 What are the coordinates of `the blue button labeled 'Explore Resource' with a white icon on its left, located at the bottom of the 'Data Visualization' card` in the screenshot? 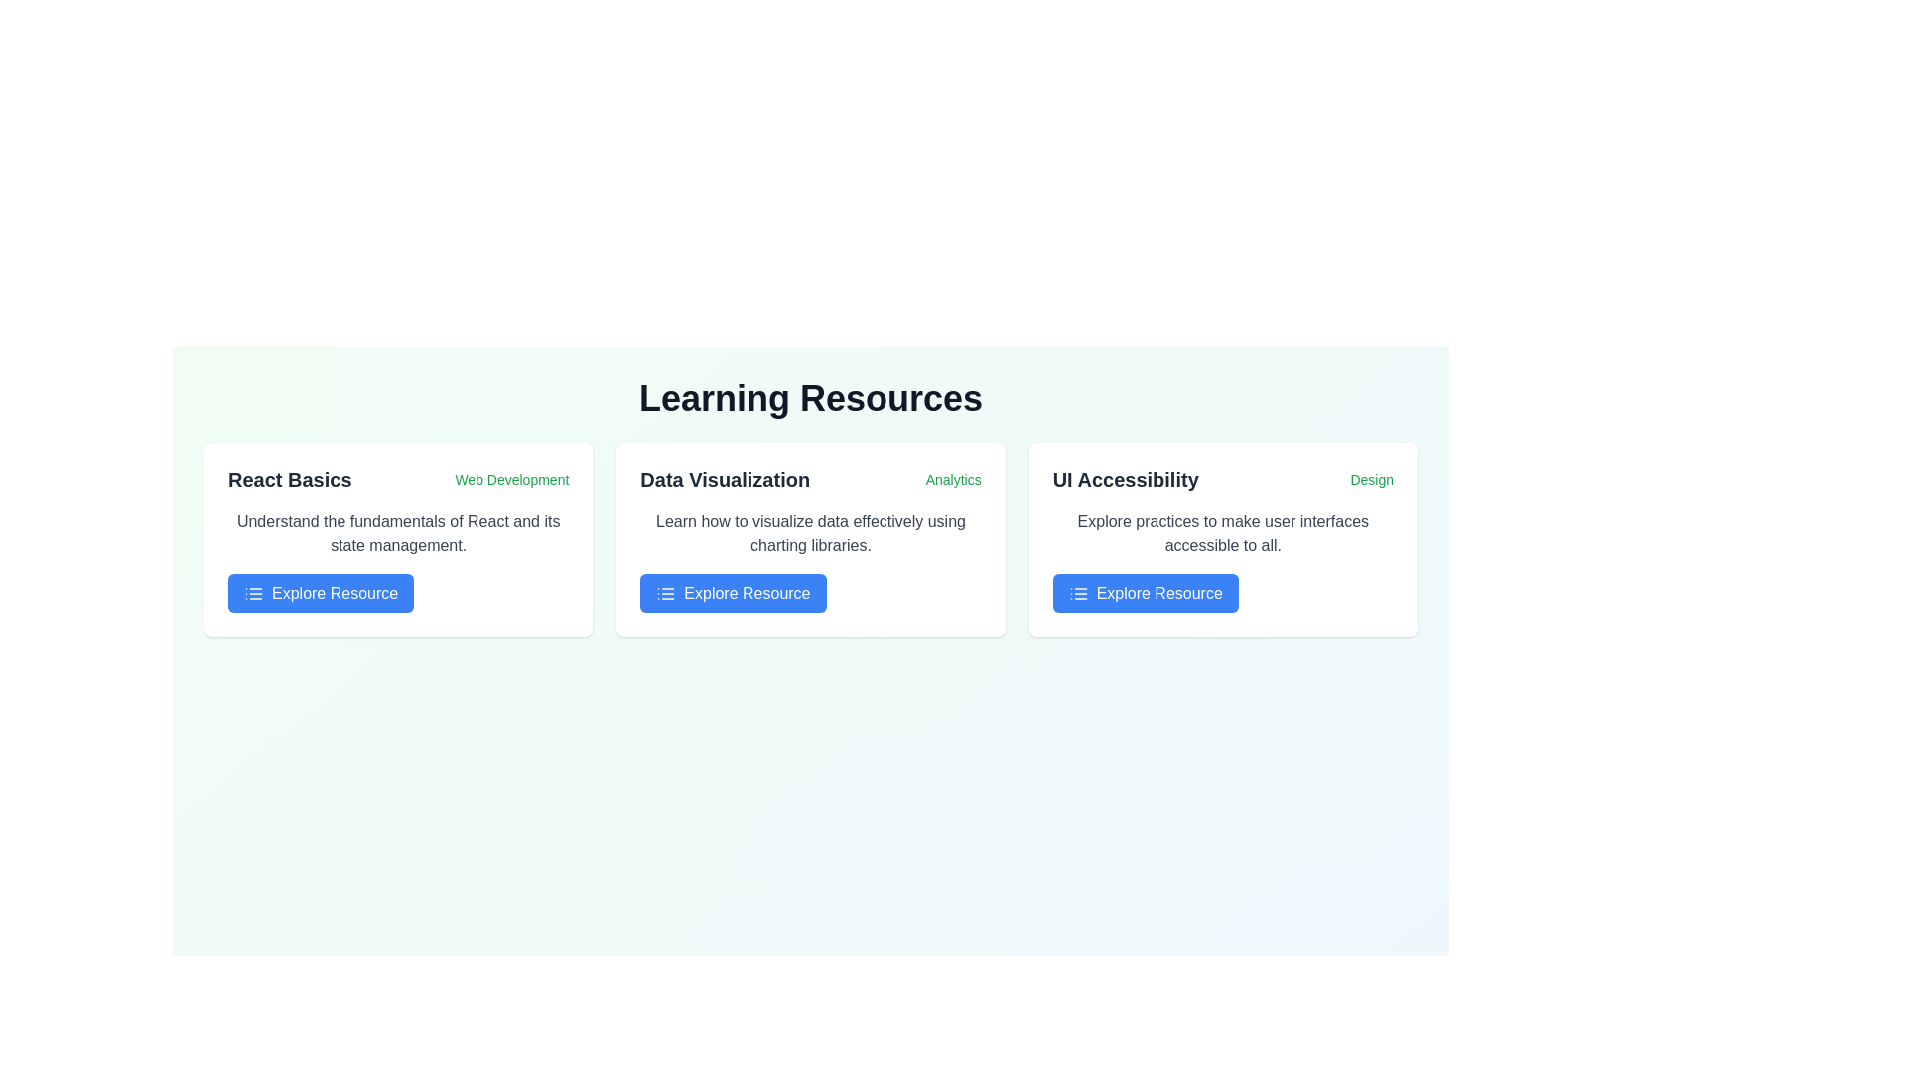 It's located at (732, 592).